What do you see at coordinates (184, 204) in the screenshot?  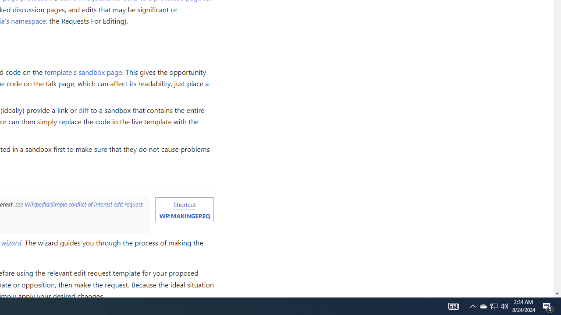 I see `'Shortcut'` at bounding box center [184, 204].